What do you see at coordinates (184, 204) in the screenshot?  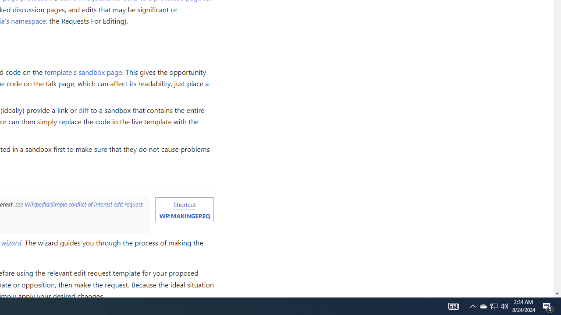 I see `'Shortcut'` at bounding box center [184, 204].